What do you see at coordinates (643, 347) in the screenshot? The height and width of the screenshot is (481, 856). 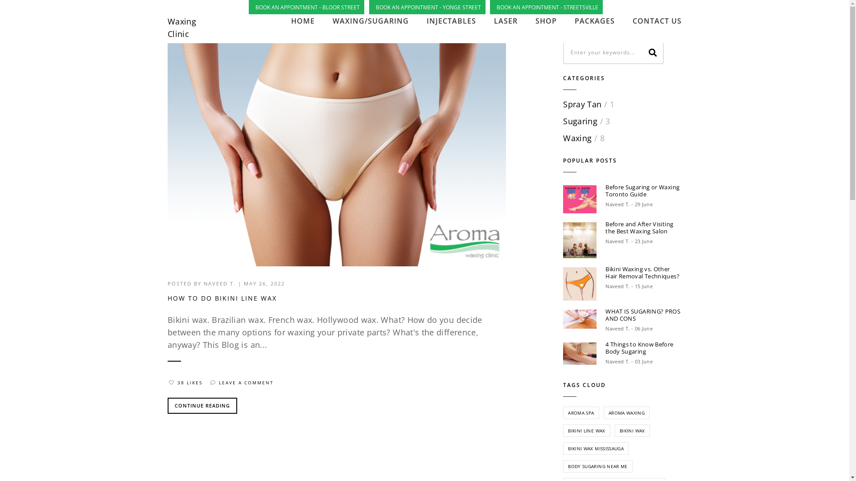 I see `'4 Things to Know Before Body Sugaring'` at bounding box center [643, 347].